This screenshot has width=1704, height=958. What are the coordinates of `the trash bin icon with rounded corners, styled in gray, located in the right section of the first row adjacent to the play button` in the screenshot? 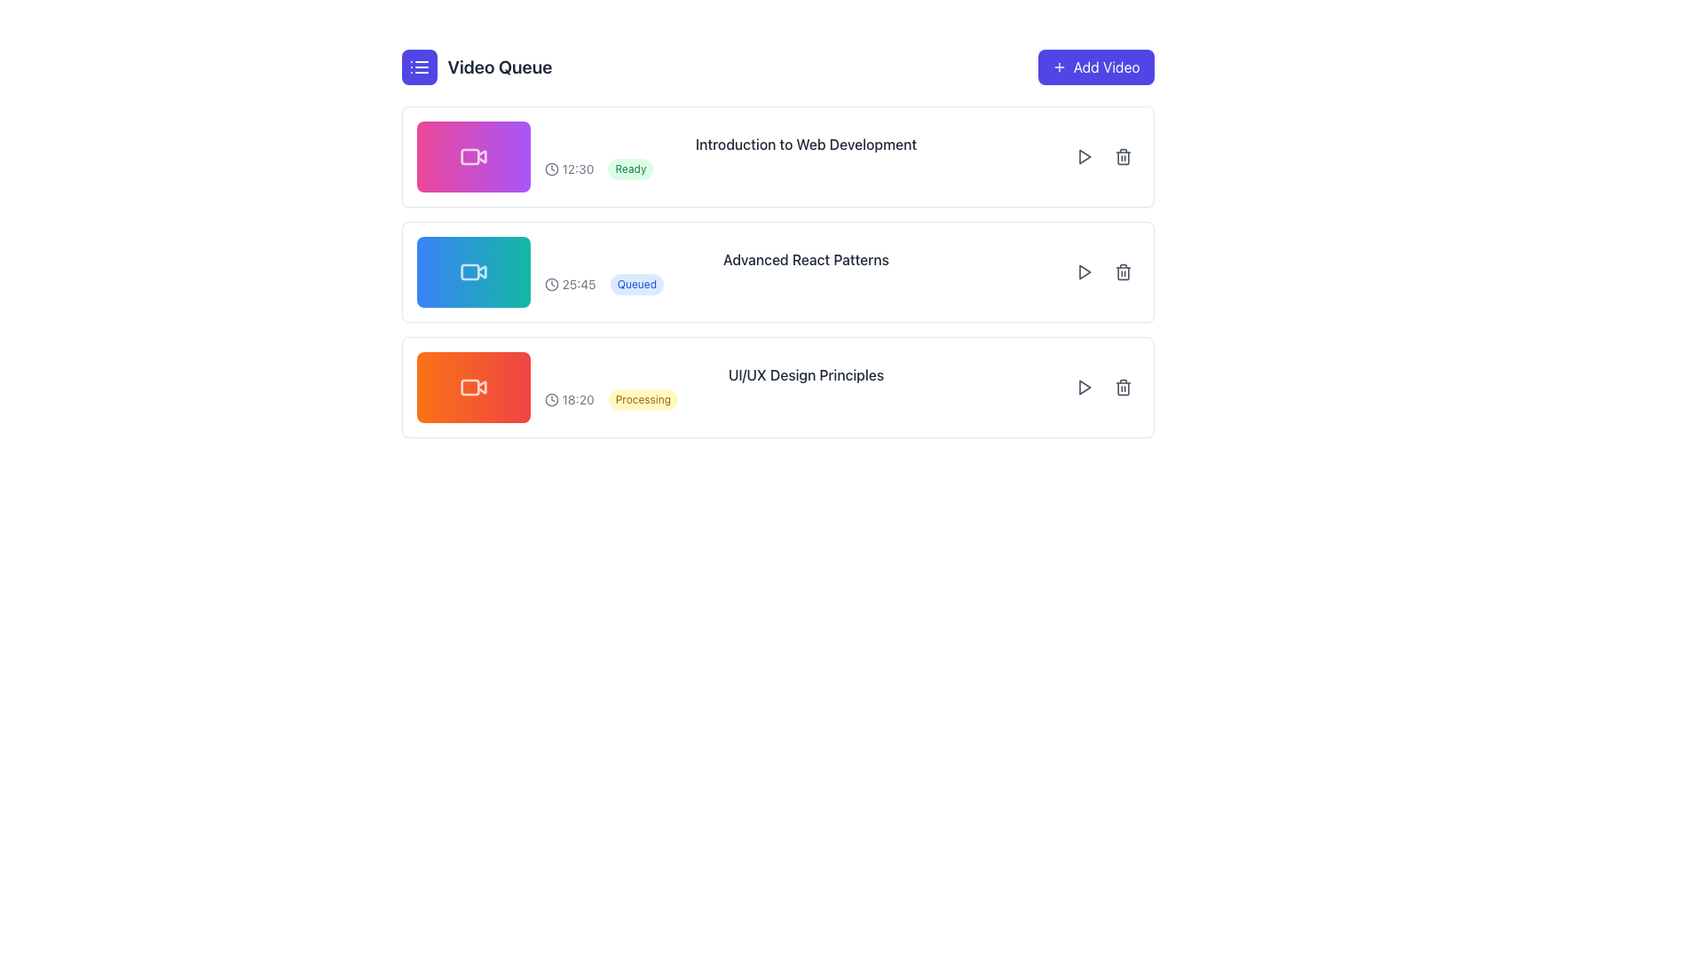 It's located at (1122, 157).